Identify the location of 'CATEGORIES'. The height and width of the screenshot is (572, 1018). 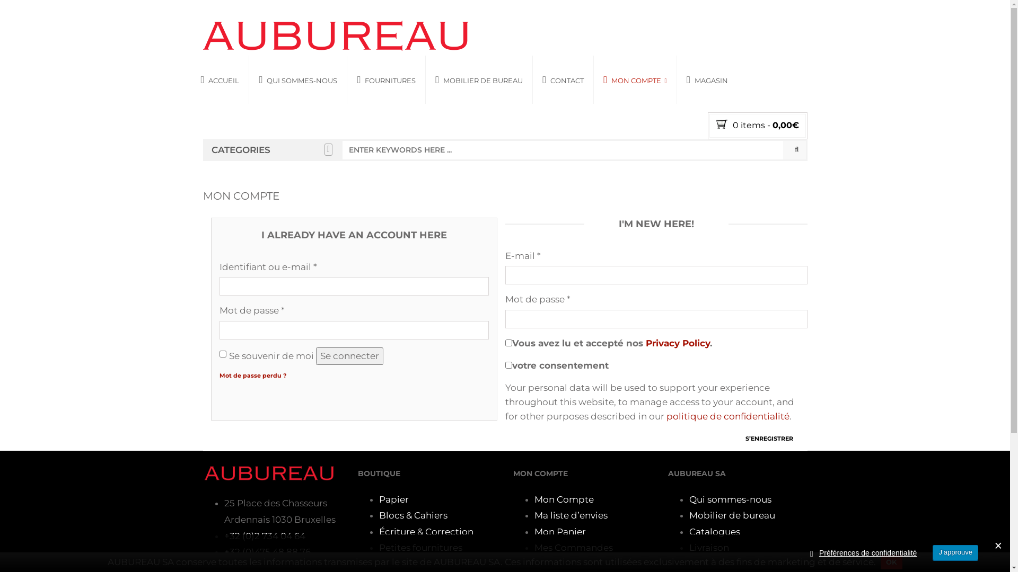
(271, 149).